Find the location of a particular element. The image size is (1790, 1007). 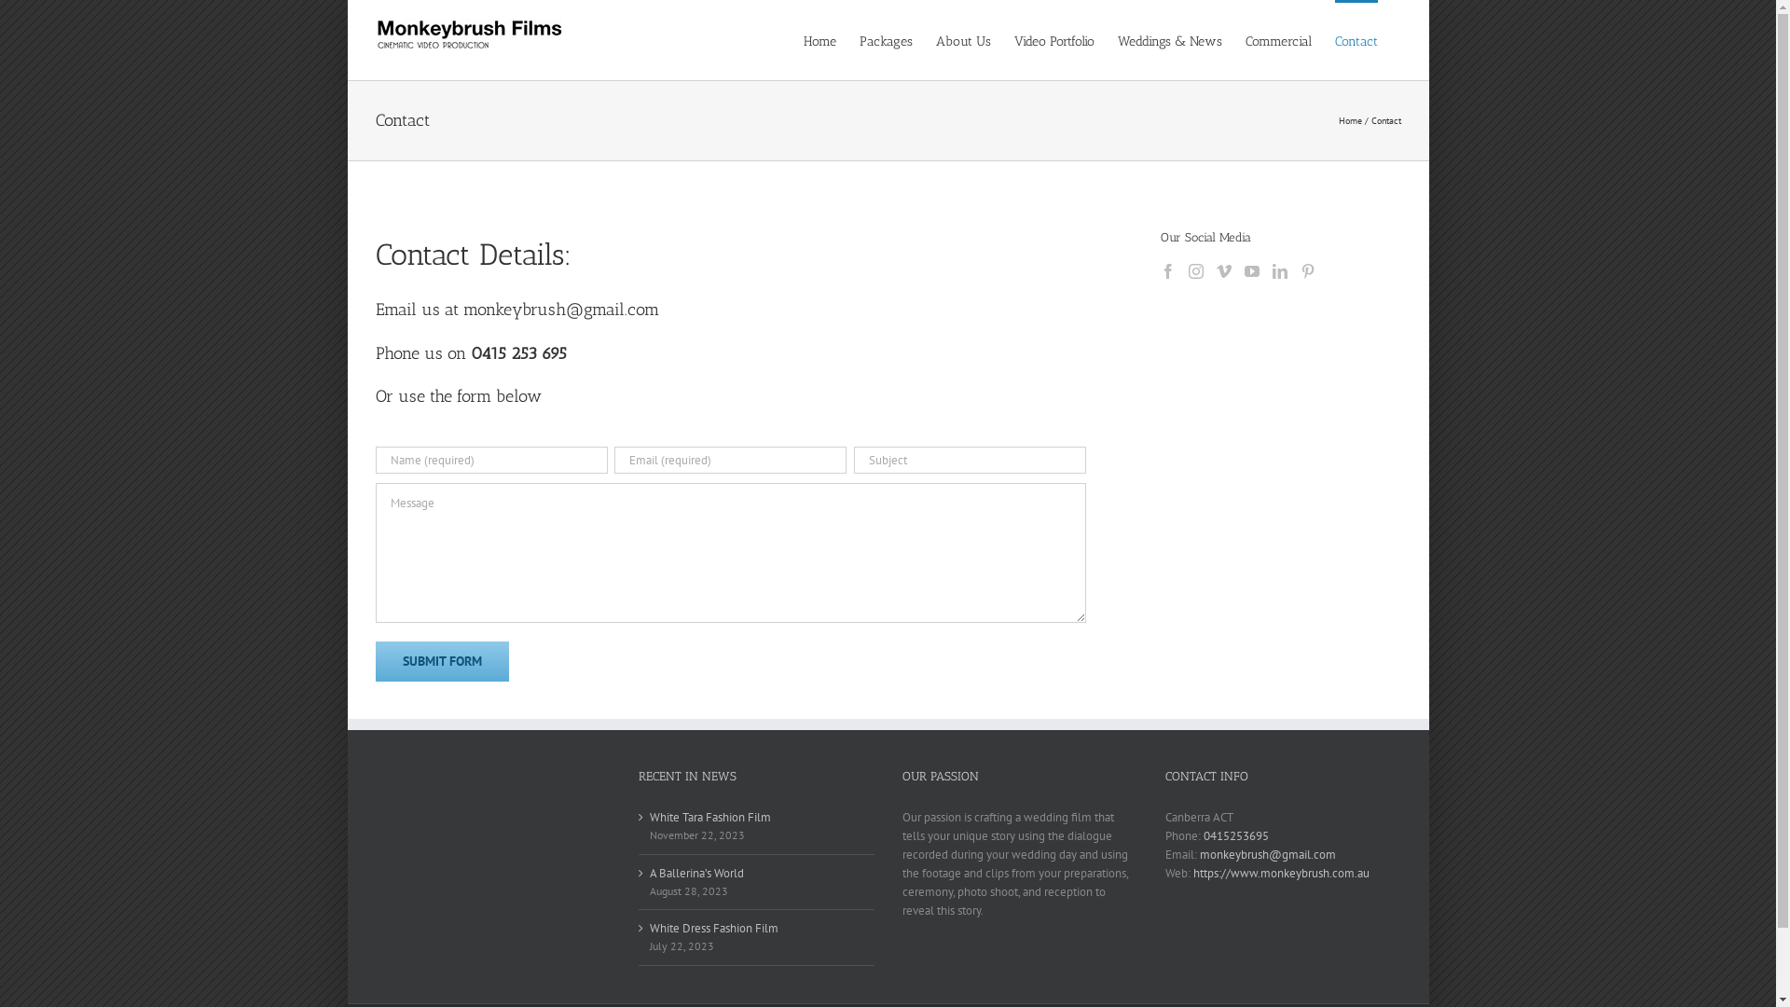

'YouTube' is located at coordinates (1252, 270).